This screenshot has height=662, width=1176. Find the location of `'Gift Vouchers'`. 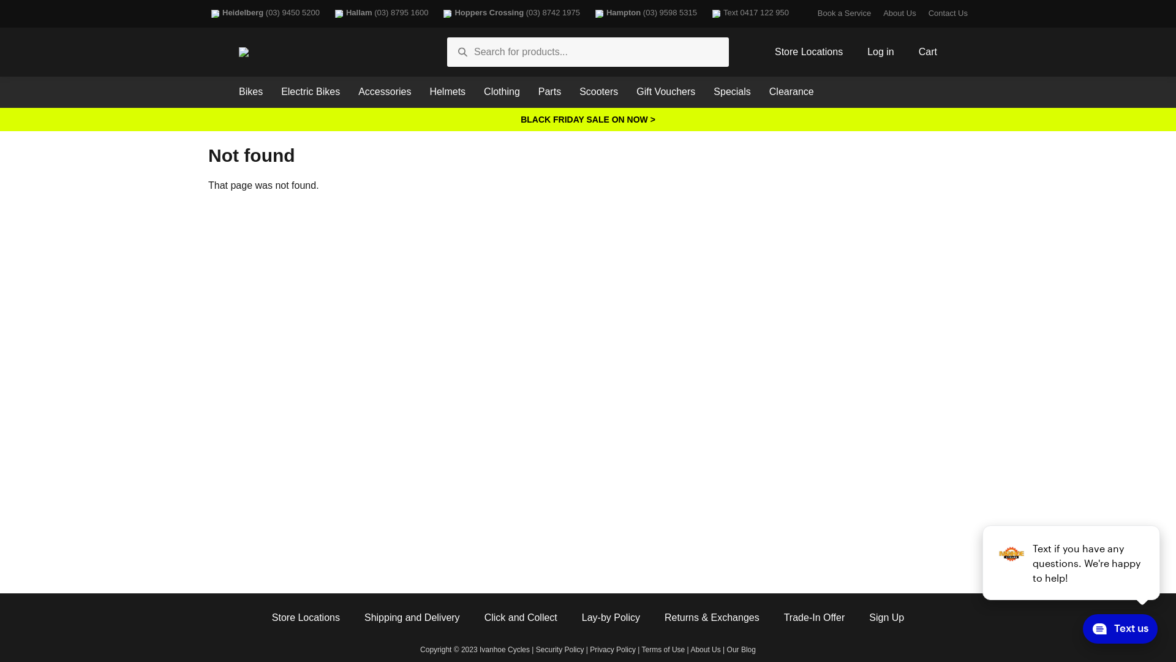

'Gift Vouchers' is located at coordinates (665, 91).